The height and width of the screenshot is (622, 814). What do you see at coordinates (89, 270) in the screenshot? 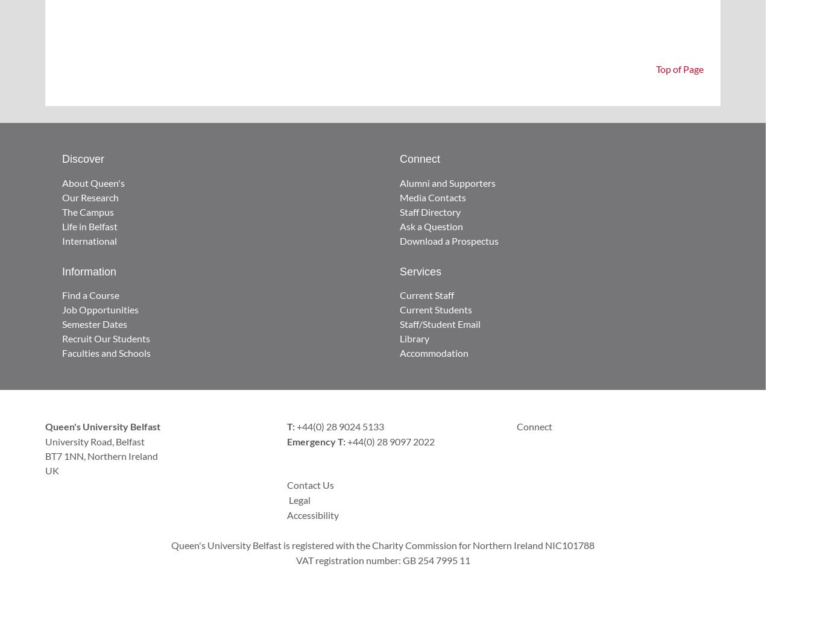
I see `'Information'` at bounding box center [89, 270].